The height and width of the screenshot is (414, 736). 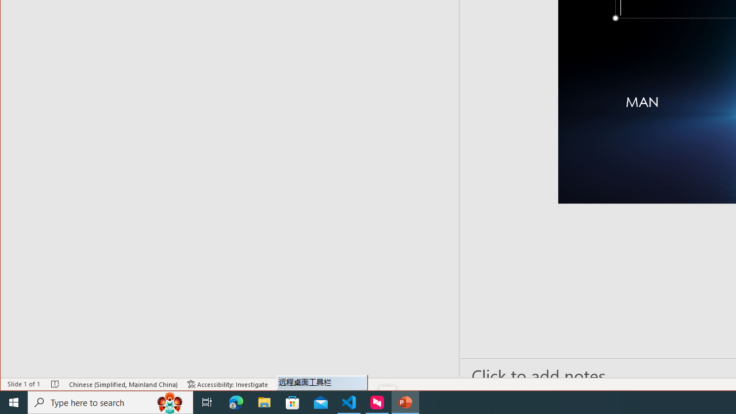 What do you see at coordinates (264, 401) in the screenshot?
I see `'File Explorer'` at bounding box center [264, 401].